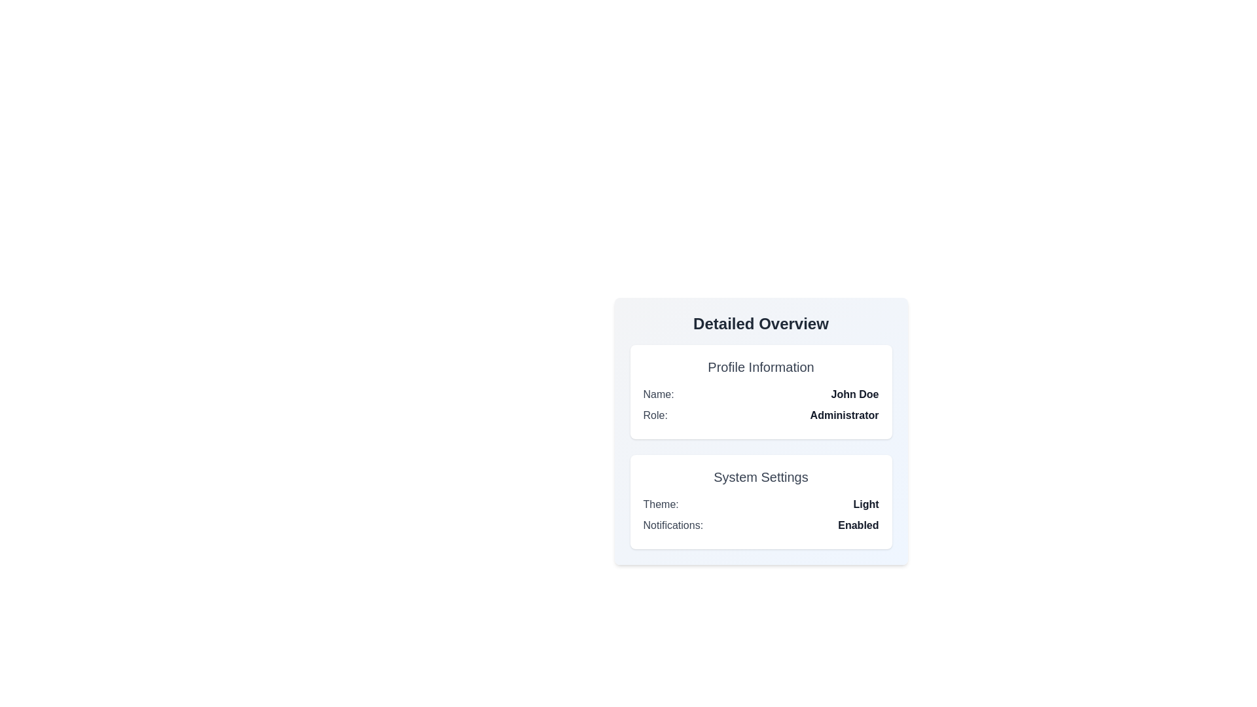 This screenshot has height=707, width=1257. What do you see at coordinates (761, 367) in the screenshot?
I see `the header text label that serves as the title for the user details section, positioned centrally at the top of the card above 'Name: John Doe' and 'Role: Administrator'` at bounding box center [761, 367].